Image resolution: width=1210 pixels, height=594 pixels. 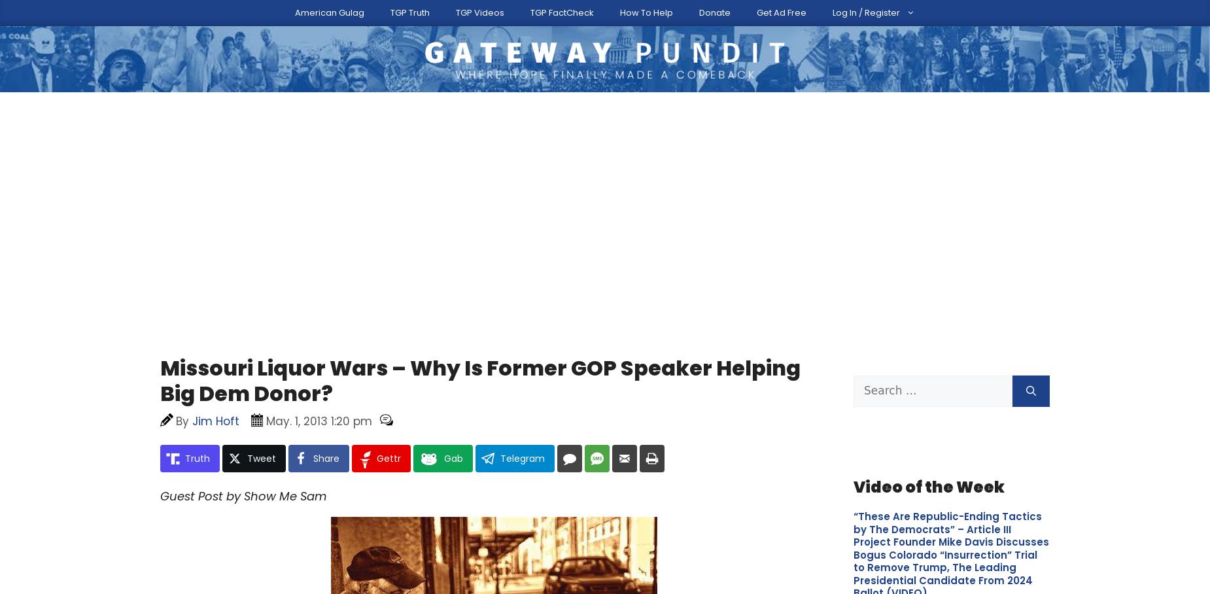 I want to click on 'Please Help The Gateway Pundit', so click(x=852, y=126).